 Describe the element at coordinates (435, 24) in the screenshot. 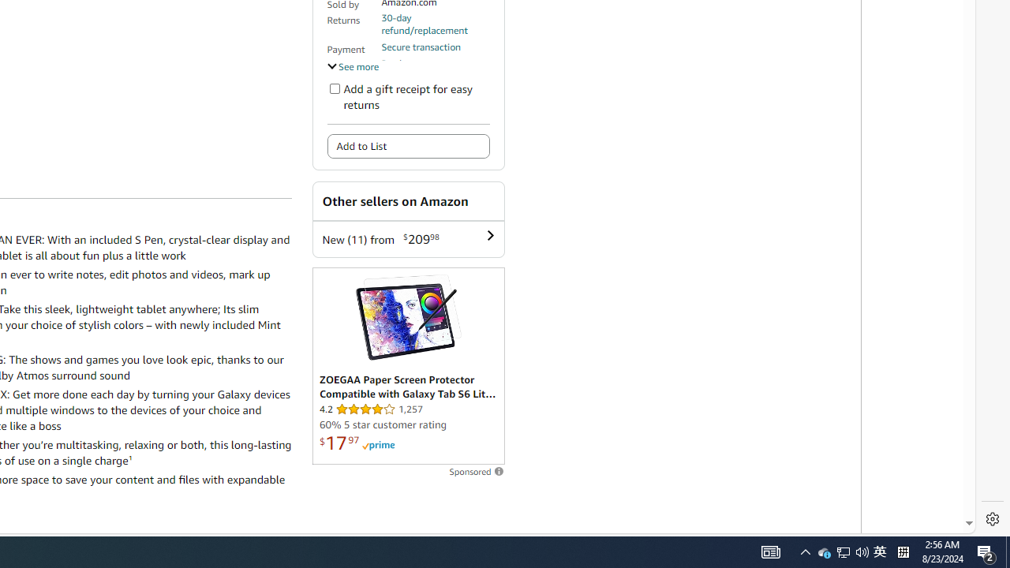

I see `'30-day refund/replacement'` at that location.